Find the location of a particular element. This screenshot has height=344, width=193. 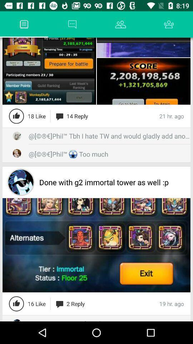

like the content is located at coordinates (16, 116).